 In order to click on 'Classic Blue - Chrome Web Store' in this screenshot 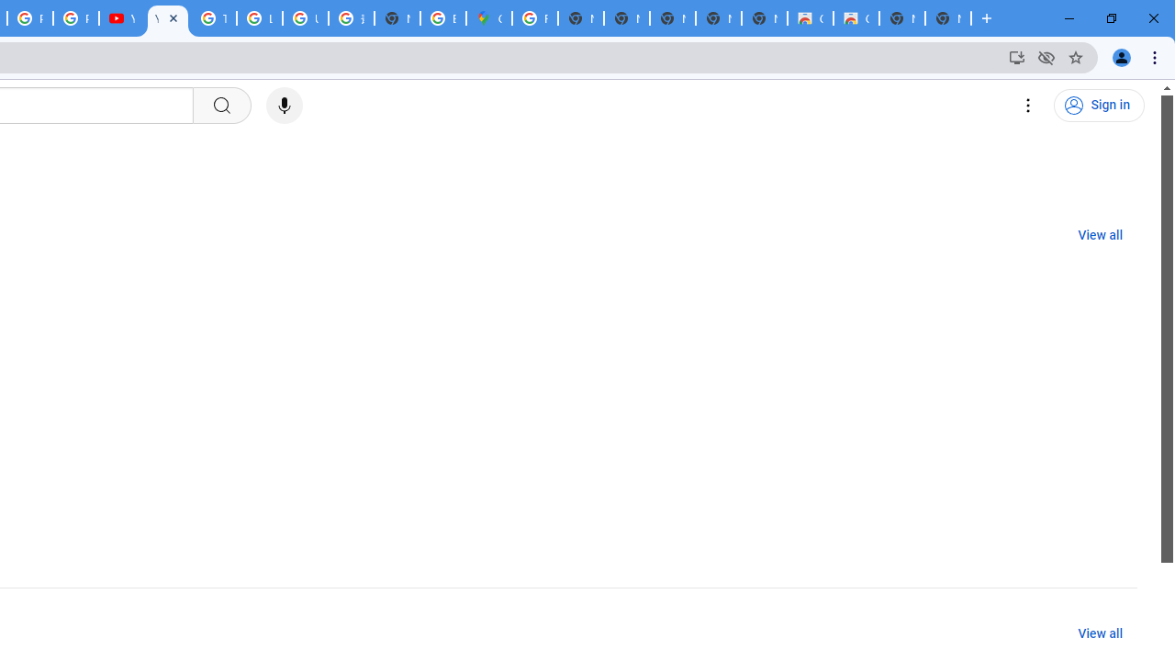, I will do `click(855, 18)`.